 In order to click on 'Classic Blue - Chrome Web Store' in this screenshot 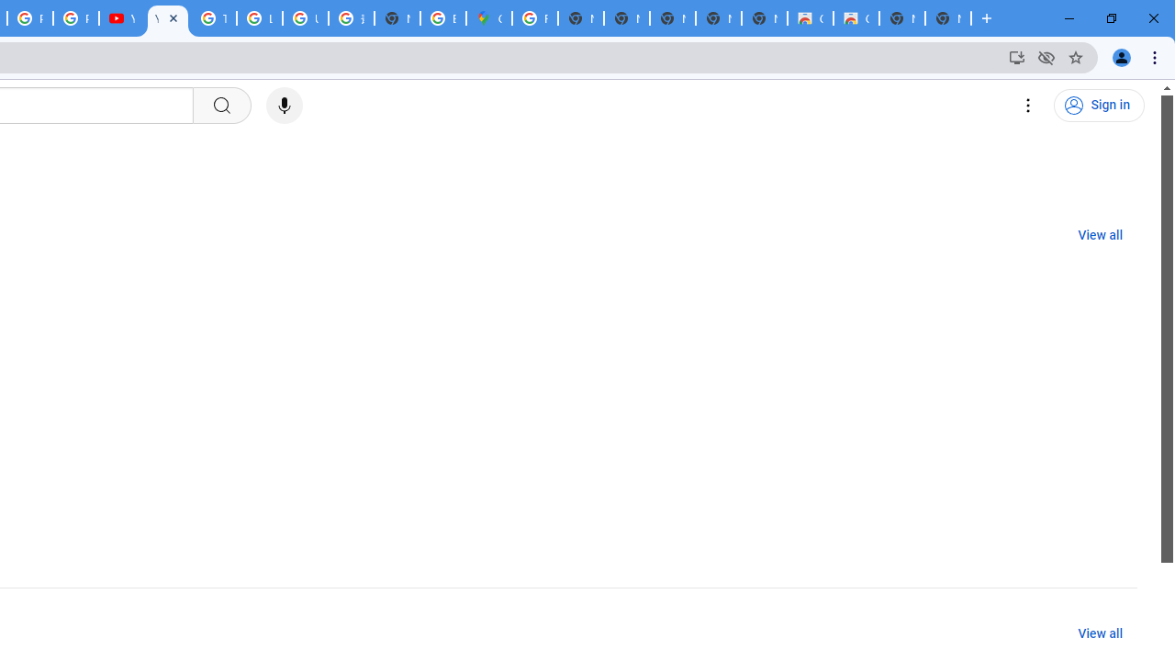, I will do `click(855, 18)`.